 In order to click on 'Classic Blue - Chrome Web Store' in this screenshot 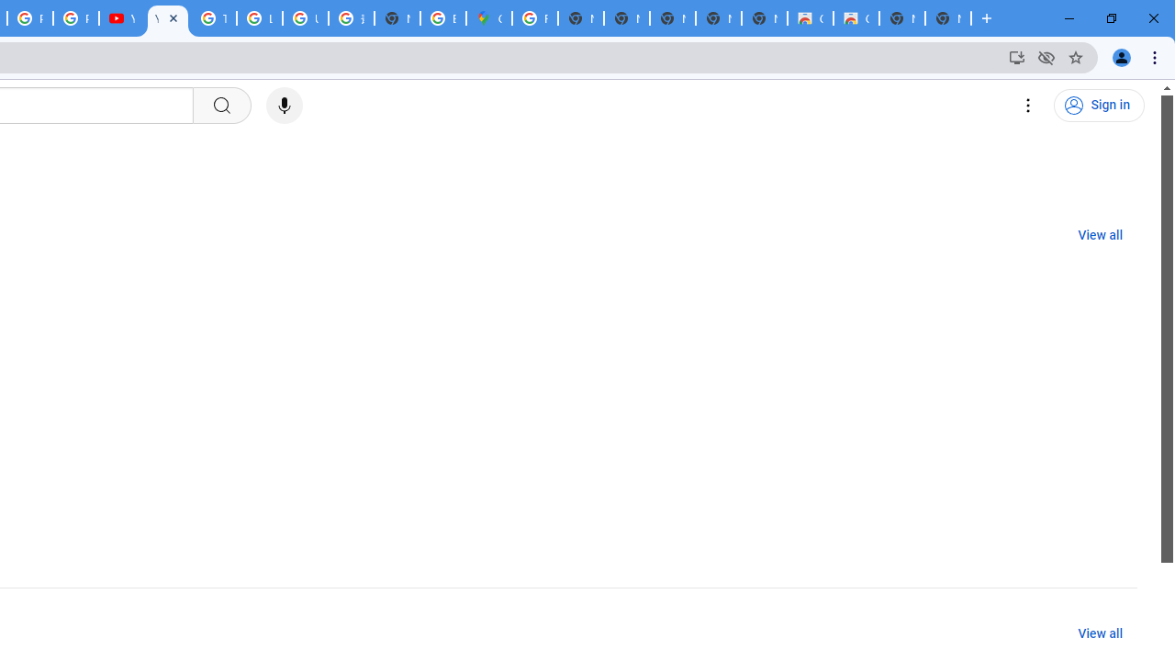, I will do `click(855, 18)`.